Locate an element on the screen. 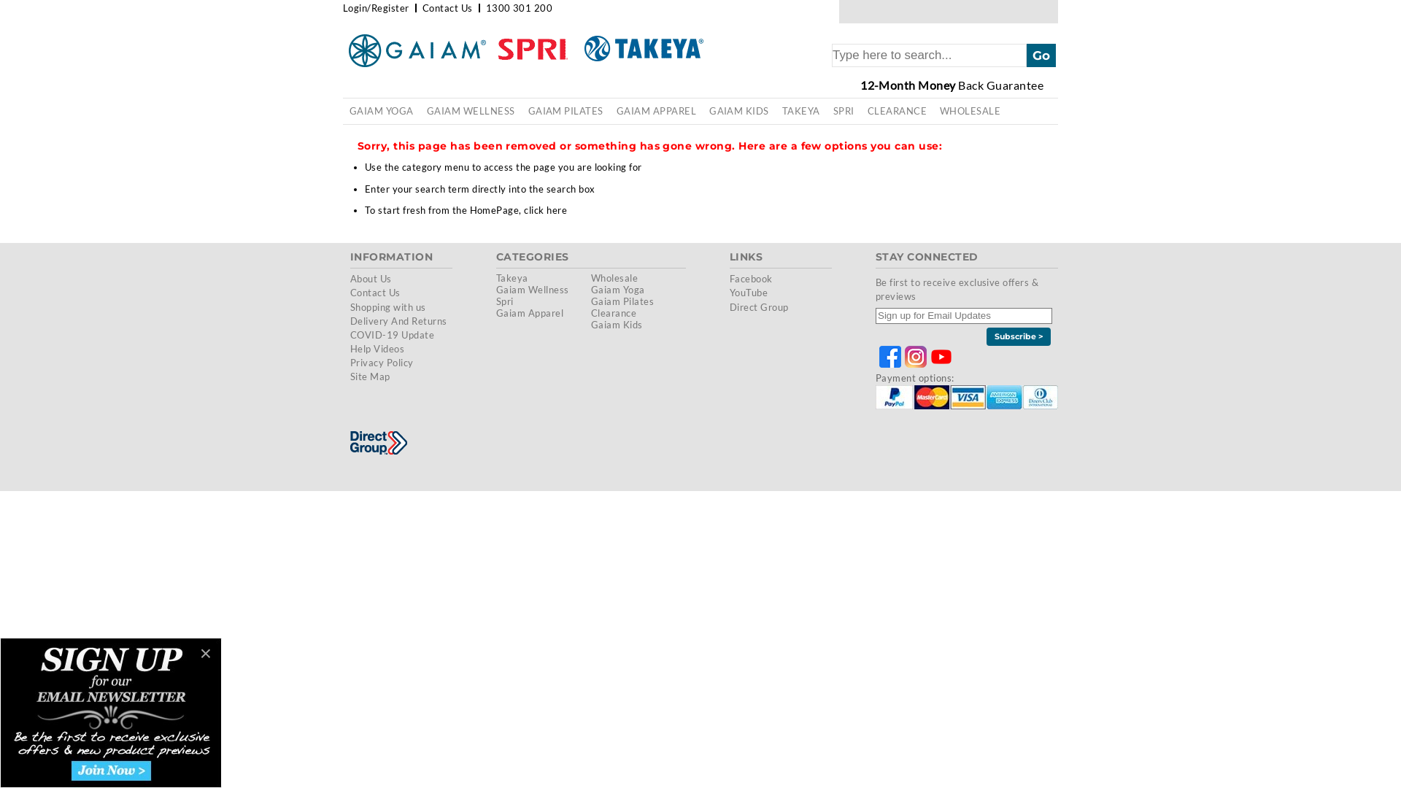  'Contact Us' is located at coordinates (447, 8).